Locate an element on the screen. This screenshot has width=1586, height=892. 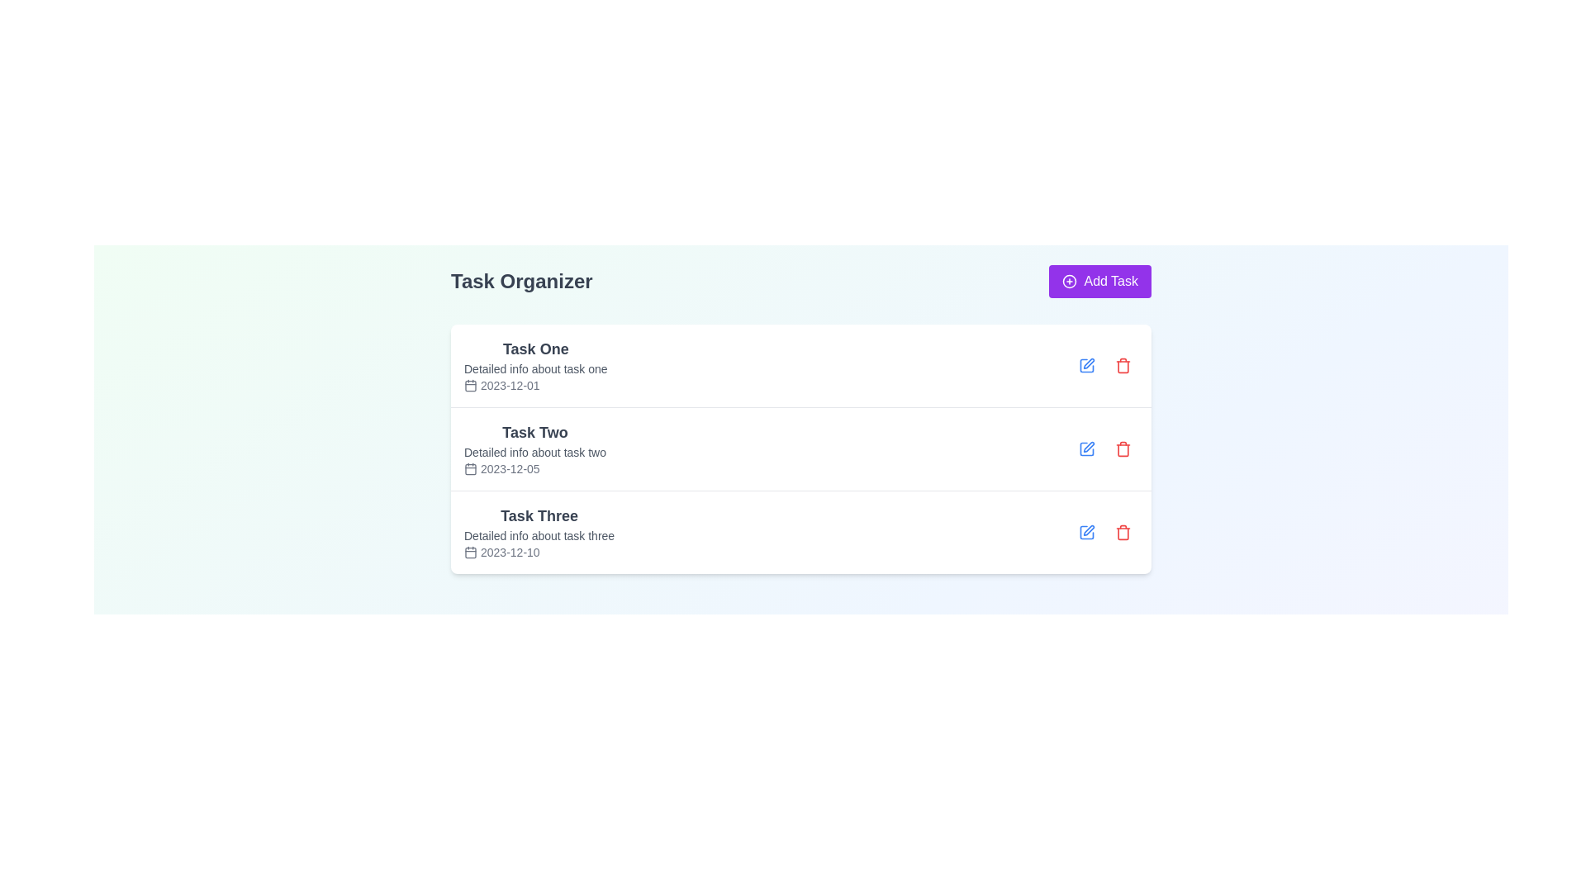
the edit icon associated with 'Task Three' to initiate editing is located at coordinates (1089, 529).